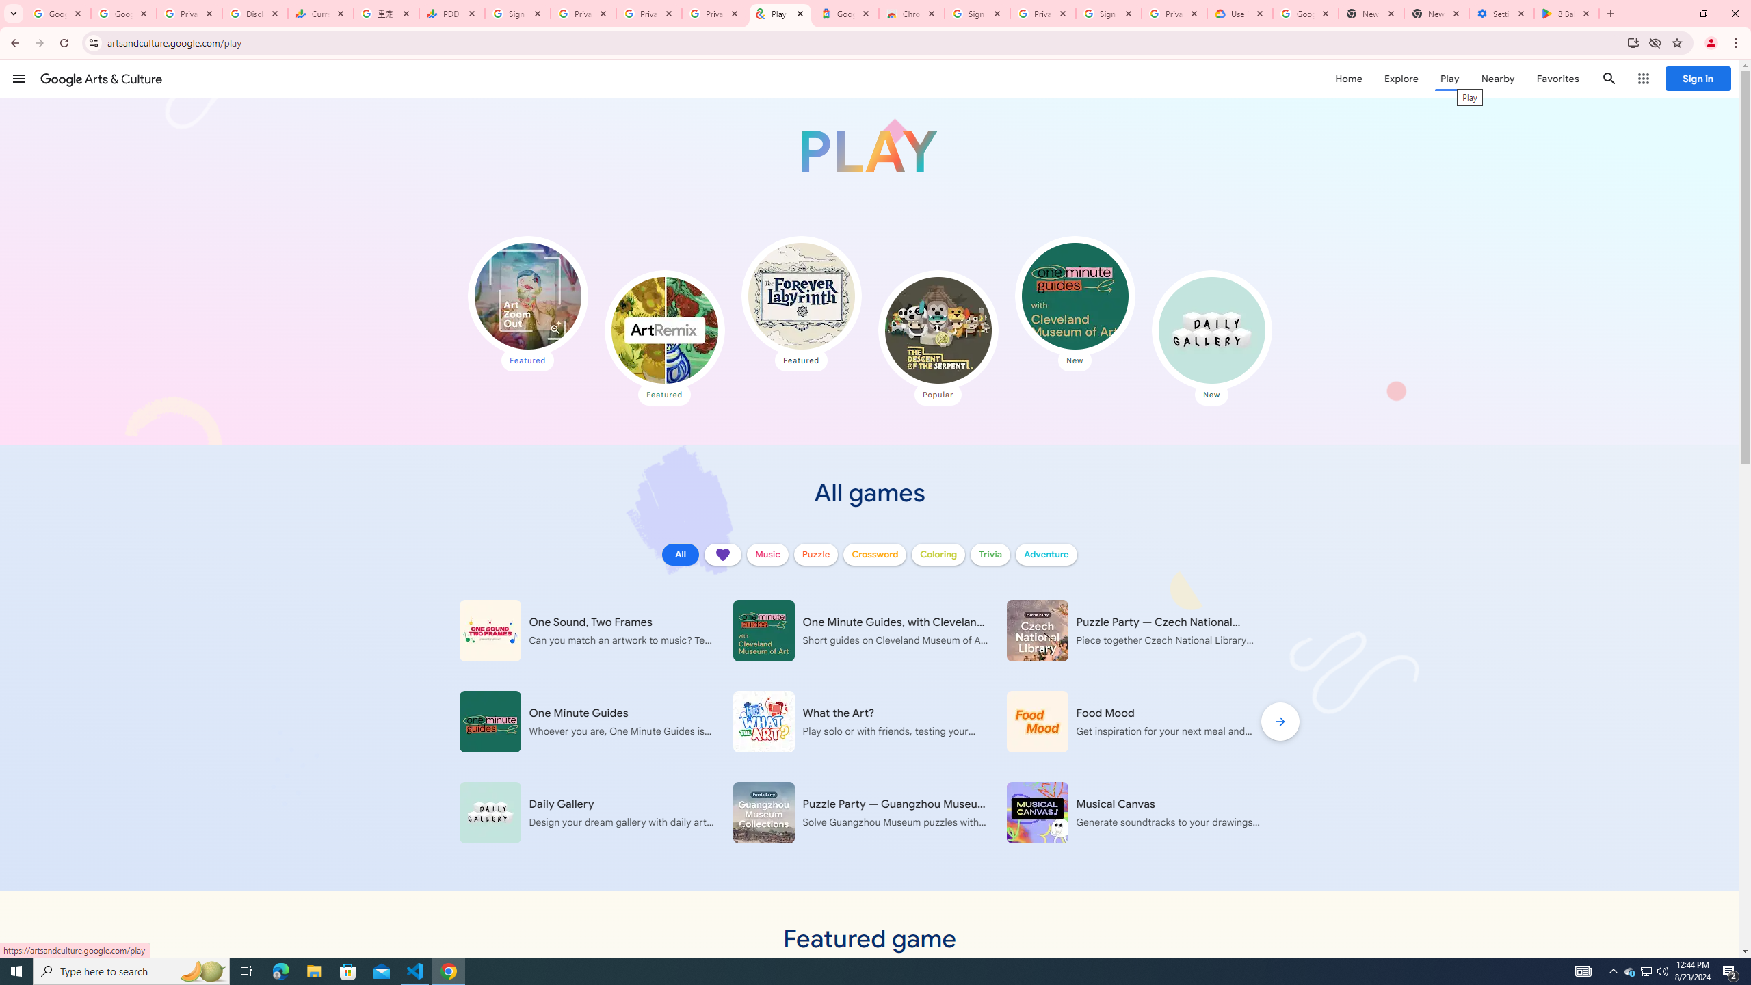 The width and height of the screenshot is (1751, 985). What do you see at coordinates (1436, 13) in the screenshot?
I see `'New Tab'` at bounding box center [1436, 13].